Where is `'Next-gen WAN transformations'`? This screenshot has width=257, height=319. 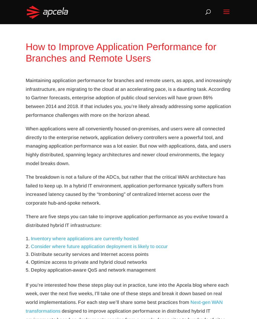
'Next-gen WAN transformations' is located at coordinates (124, 306).